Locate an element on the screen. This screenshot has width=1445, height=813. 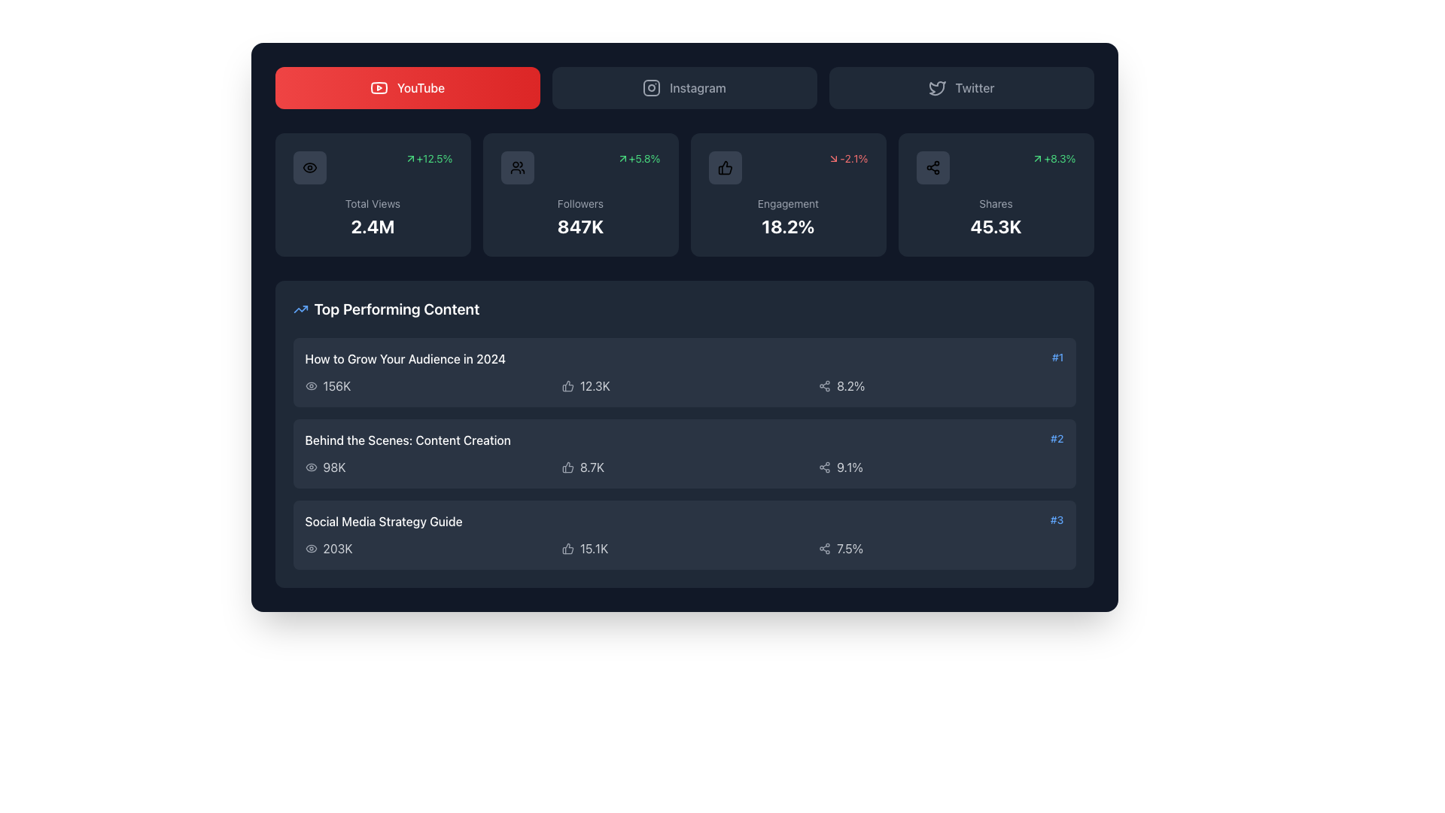
the green upward-pointing arrow icon and the text '+12.5%' that is adjacent to it, located within the box labeled 'Total Views' near its upper-right corner is located at coordinates (427, 159).